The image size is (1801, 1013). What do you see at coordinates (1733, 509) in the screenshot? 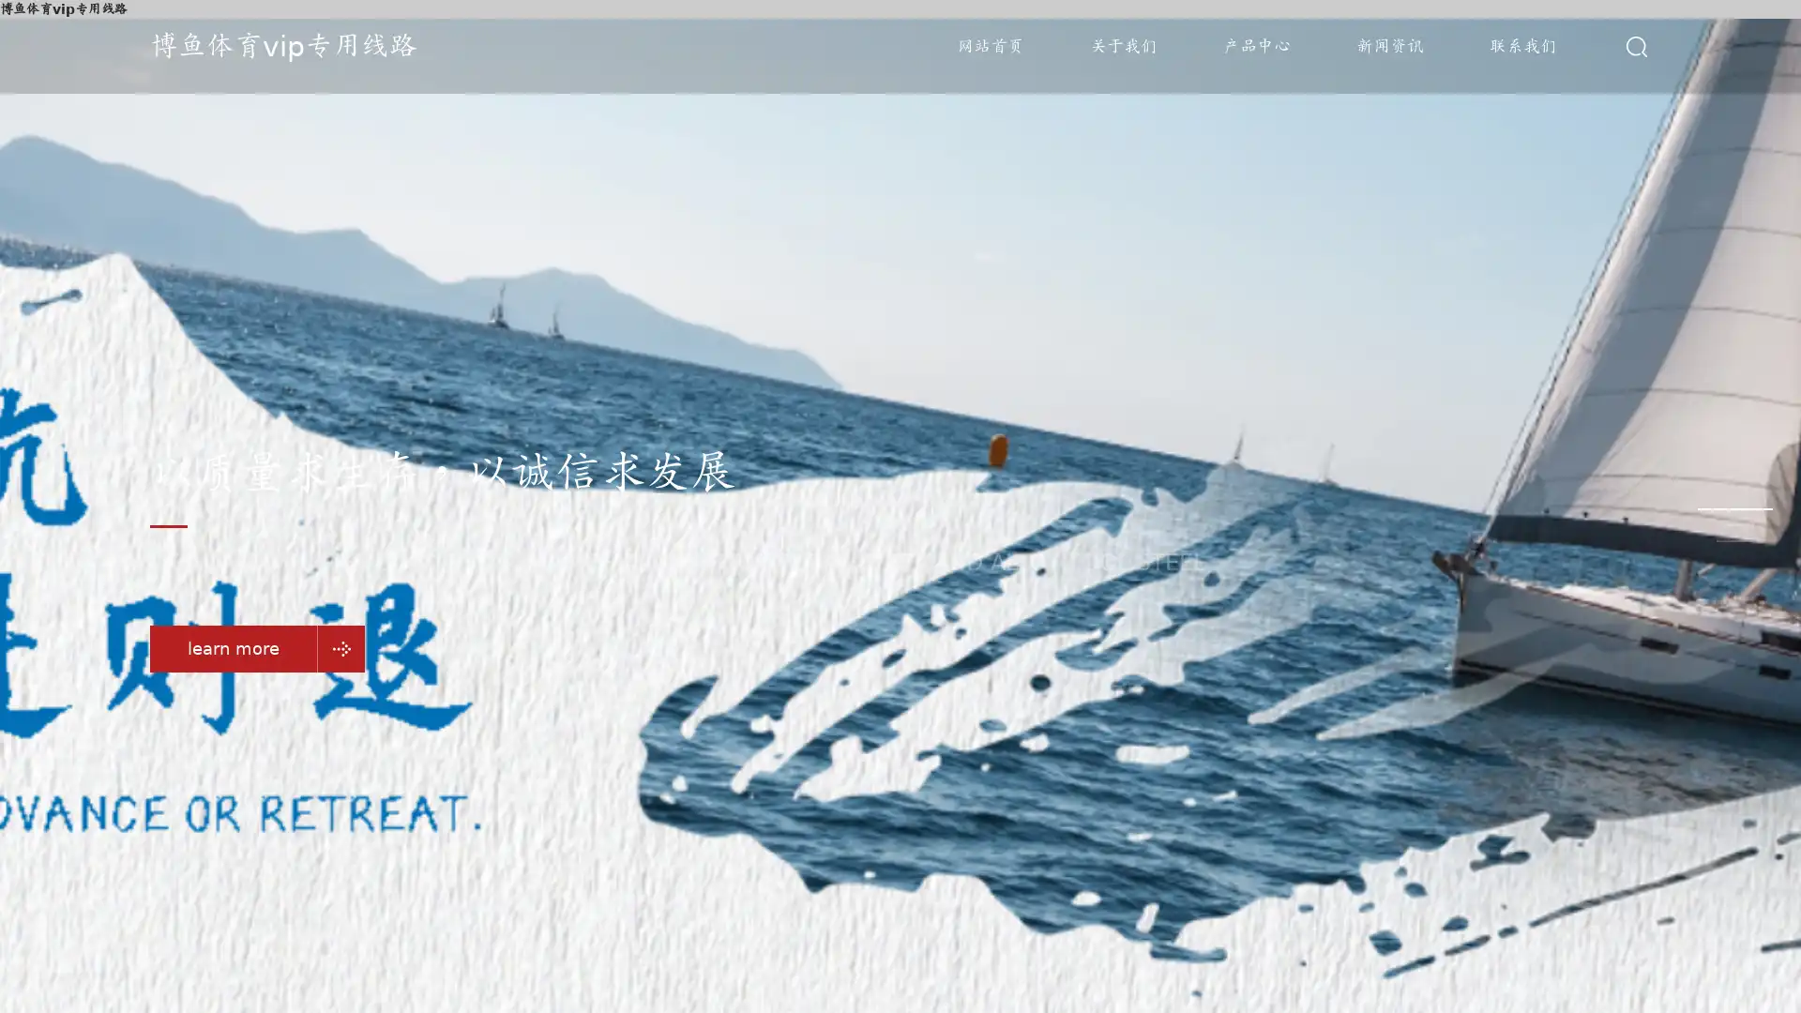
I see `Go to slide 1` at bounding box center [1733, 509].